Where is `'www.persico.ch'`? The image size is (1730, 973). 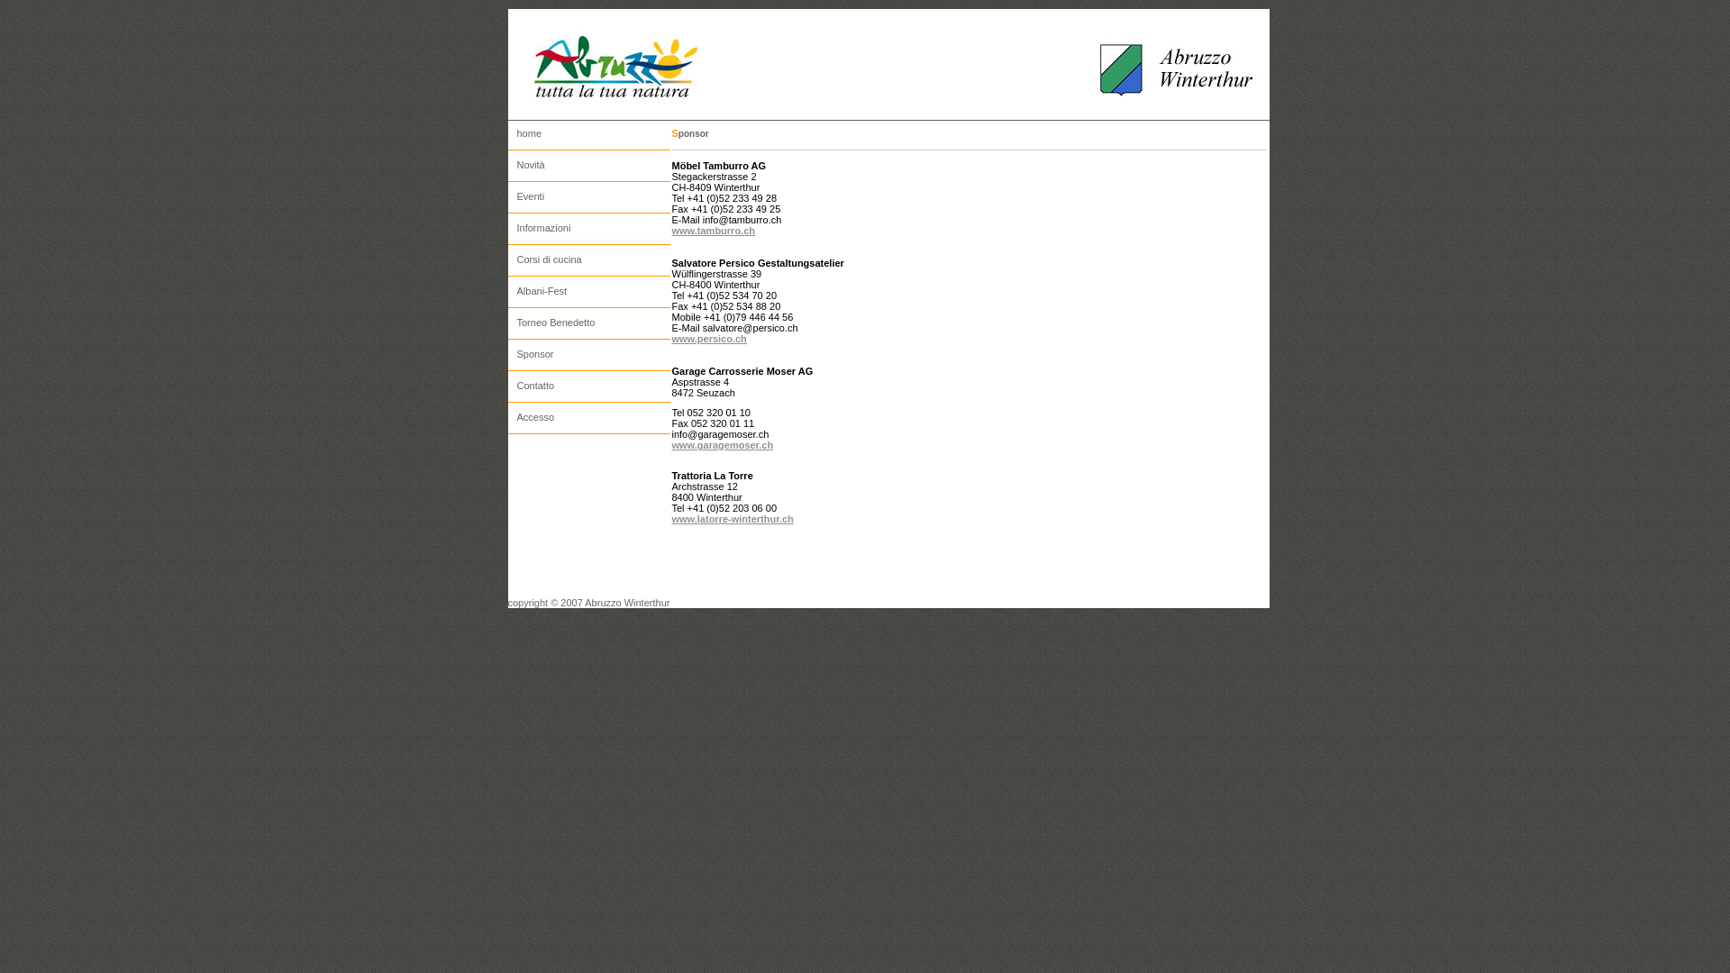 'www.persico.ch' is located at coordinates (708, 338).